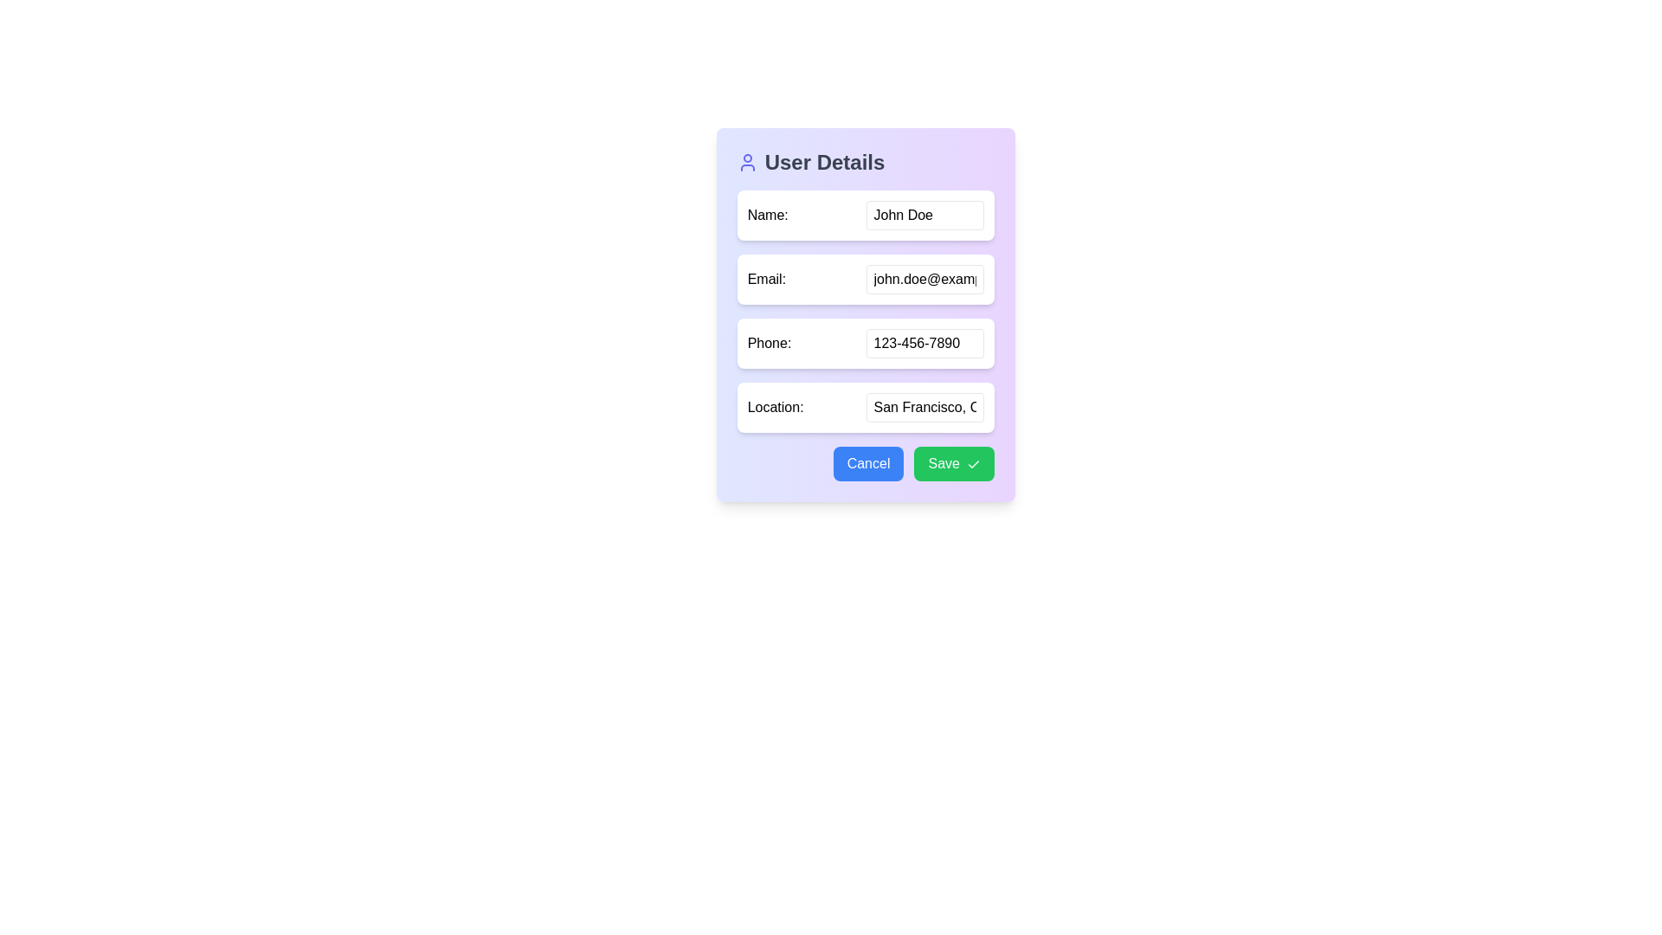 The width and height of the screenshot is (1662, 935). Describe the element at coordinates (747, 163) in the screenshot. I see `the user figure icon styled with rounded edges and filled with a blue hue, located next to the 'User Details' text in the header area` at that location.